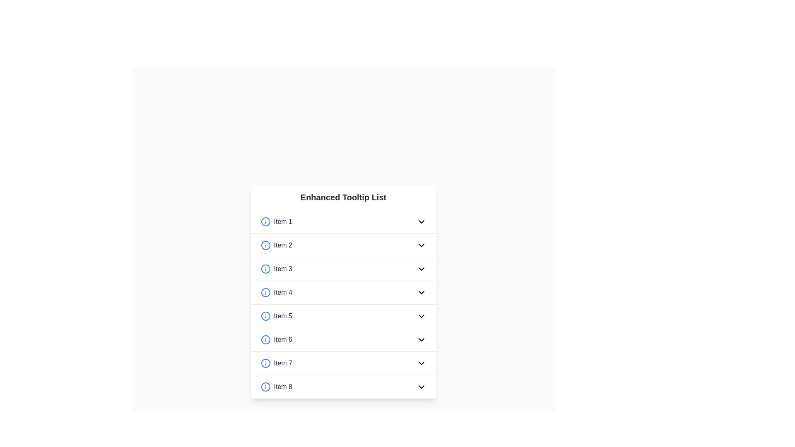 This screenshot has width=795, height=447. Describe the element at coordinates (283, 292) in the screenshot. I see `the fourth Text label in the 'Enhanced Tooltip List', which provides the name of the item and is positioned between 'Item 3' and 'Item 5'` at that location.